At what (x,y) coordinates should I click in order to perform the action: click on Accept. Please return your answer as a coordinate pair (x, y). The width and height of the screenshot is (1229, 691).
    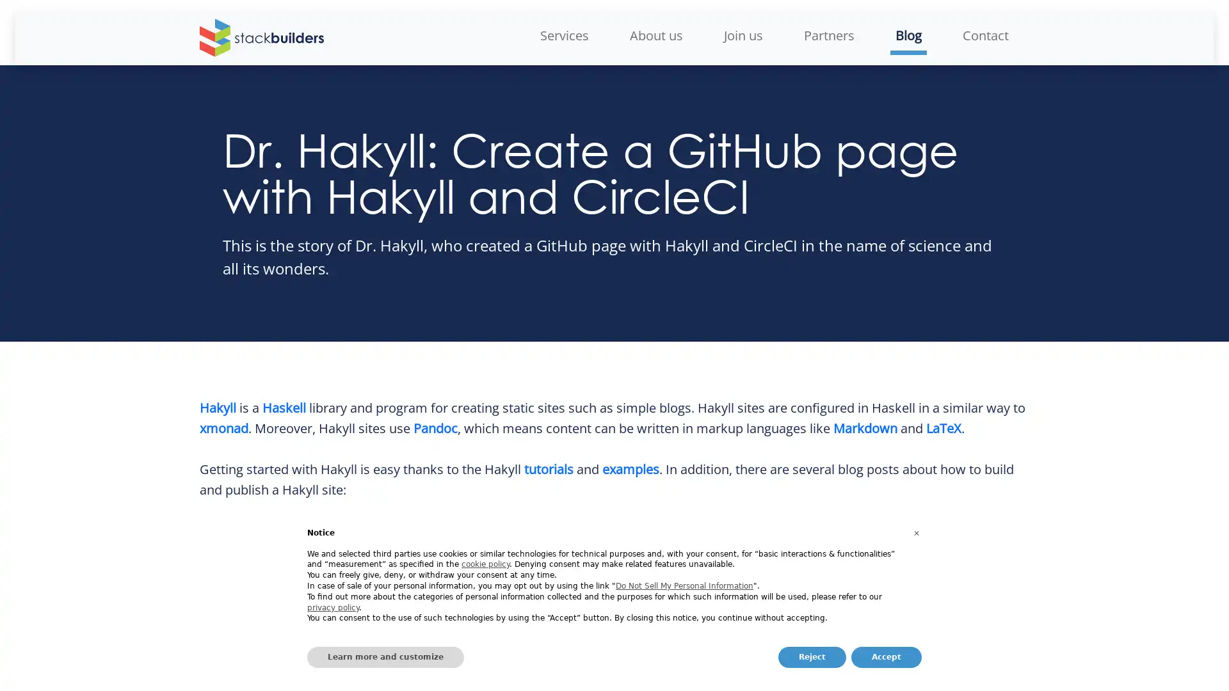
    Looking at the image, I should click on (886, 657).